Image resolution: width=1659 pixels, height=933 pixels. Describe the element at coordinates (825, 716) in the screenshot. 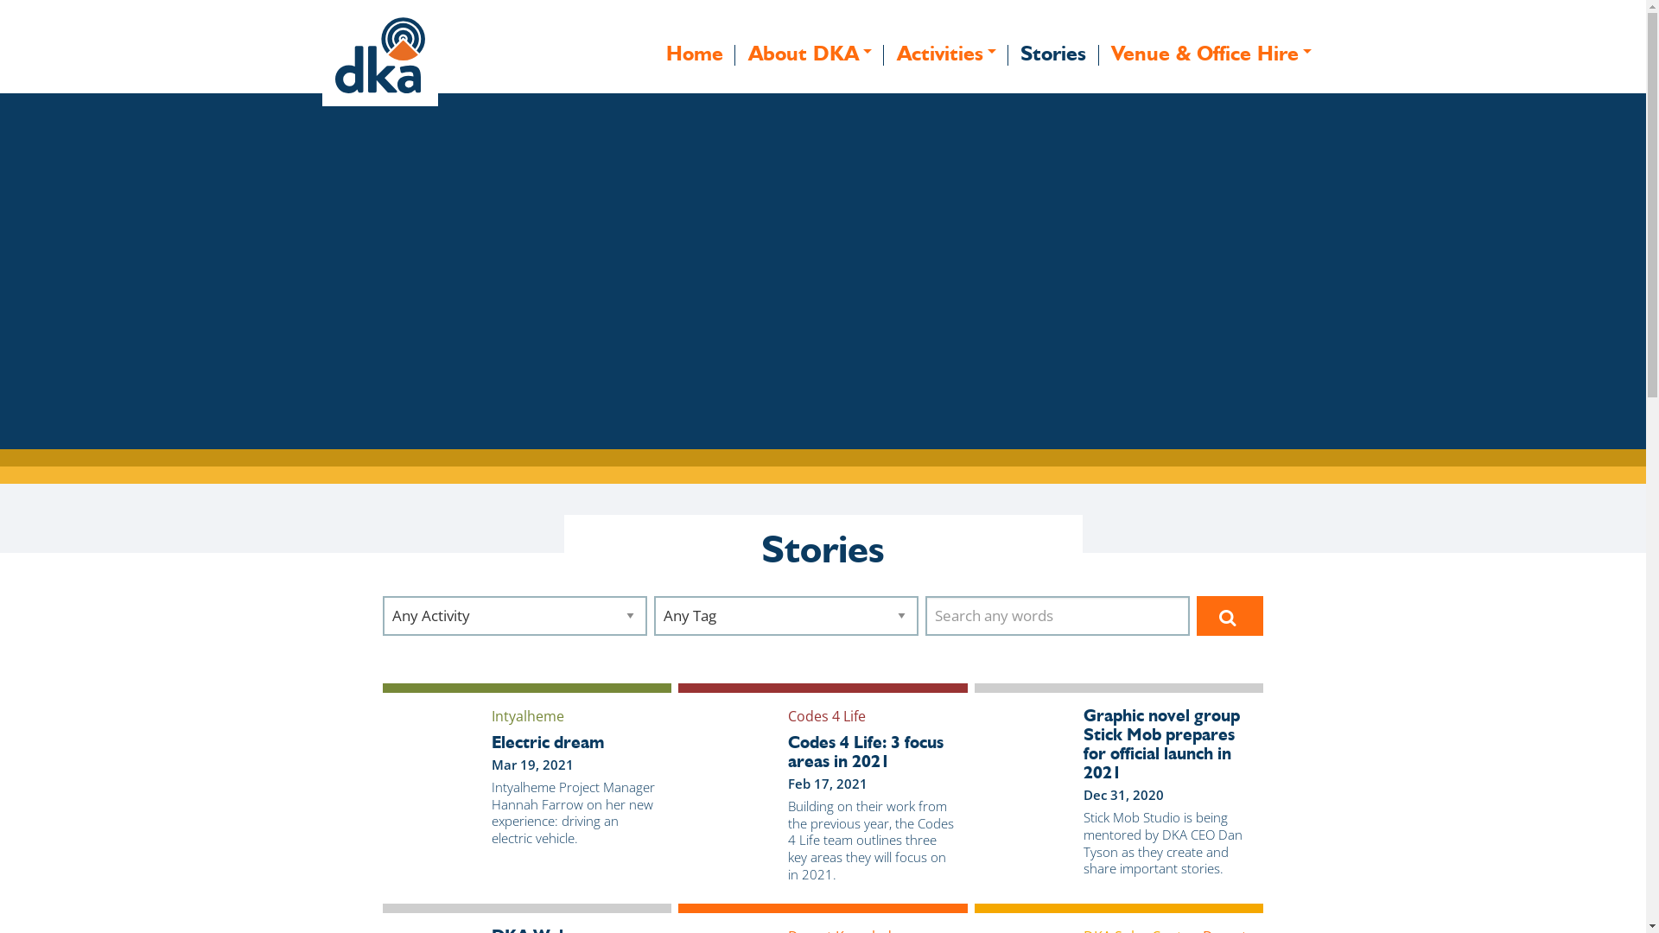

I see `'Codes 4 Life'` at that location.